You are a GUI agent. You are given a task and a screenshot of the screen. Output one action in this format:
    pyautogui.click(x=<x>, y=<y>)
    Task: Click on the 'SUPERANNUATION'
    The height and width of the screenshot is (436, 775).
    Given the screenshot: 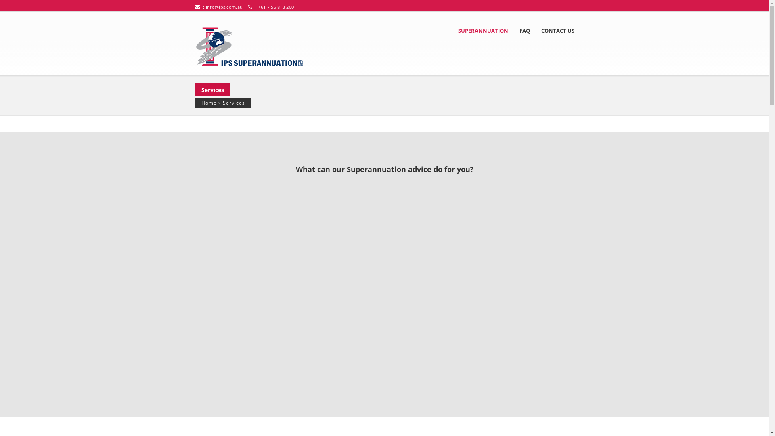 What is the action you would take?
    pyautogui.click(x=485, y=30)
    